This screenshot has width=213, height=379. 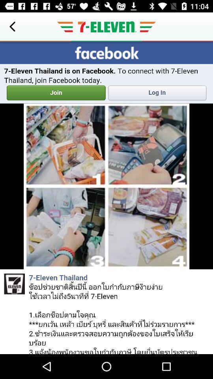 What do you see at coordinates (12, 27) in the screenshot?
I see `prior page arrow` at bounding box center [12, 27].